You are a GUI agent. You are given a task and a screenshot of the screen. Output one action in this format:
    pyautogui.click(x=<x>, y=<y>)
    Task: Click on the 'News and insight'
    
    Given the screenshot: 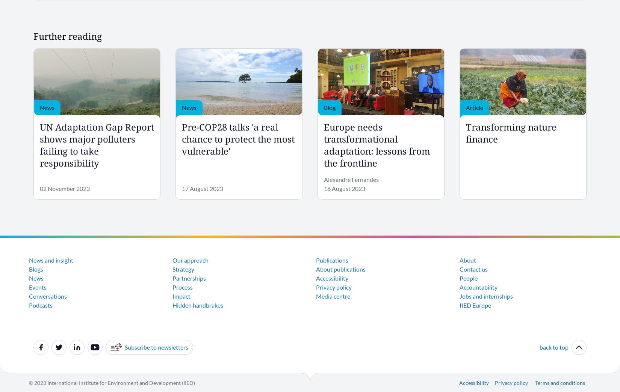 What is the action you would take?
    pyautogui.click(x=51, y=260)
    